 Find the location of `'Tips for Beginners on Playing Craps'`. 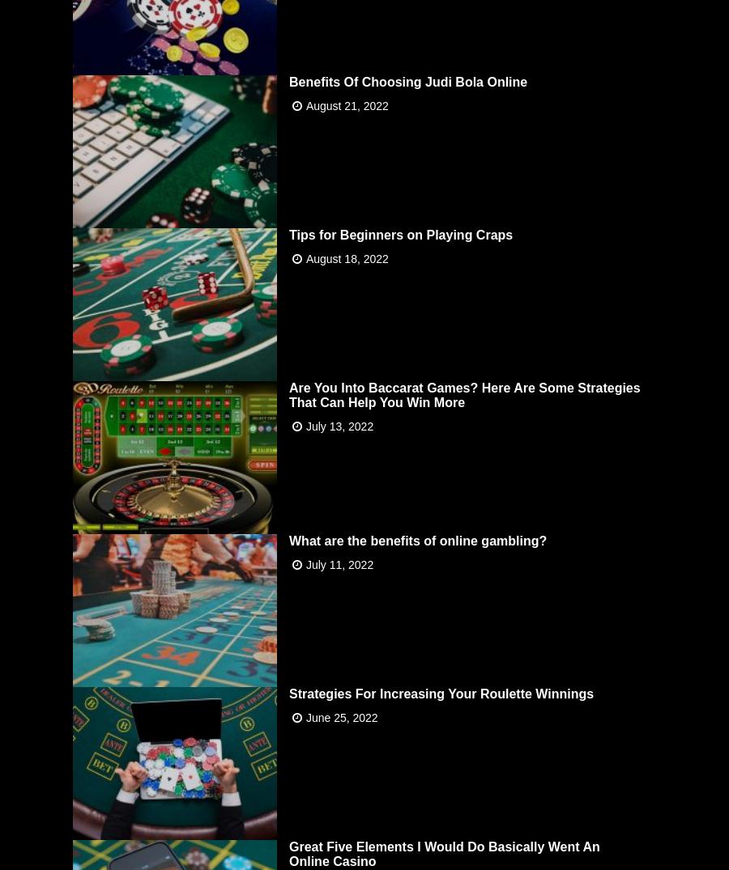

'Tips for Beginners on Playing Craps' is located at coordinates (400, 234).